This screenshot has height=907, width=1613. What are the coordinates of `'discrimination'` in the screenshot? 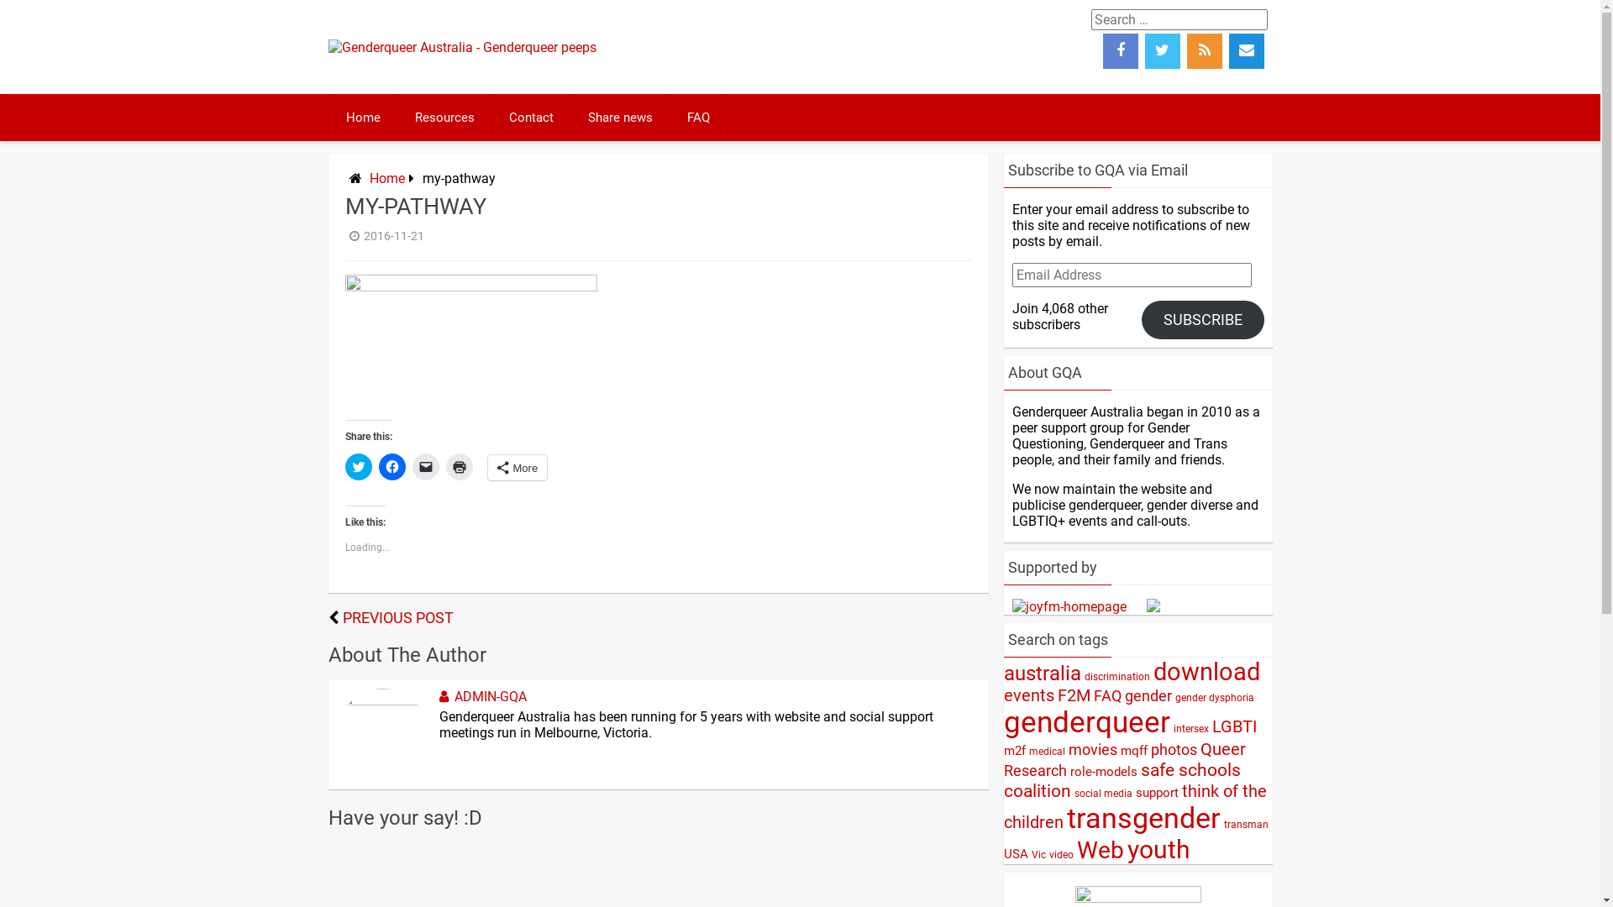 It's located at (1116, 676).